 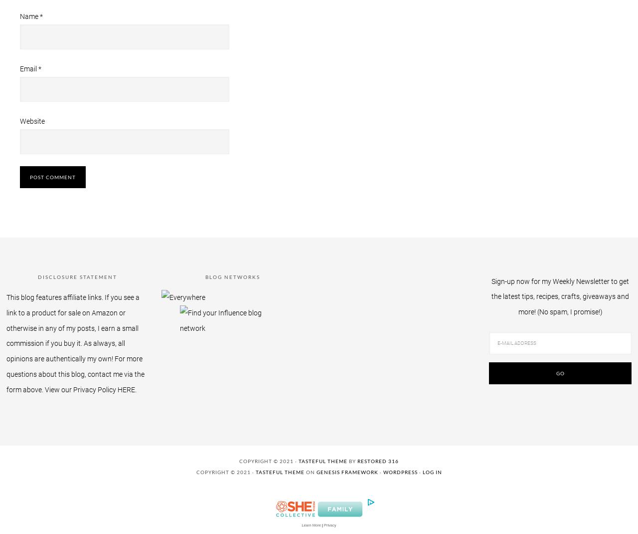 What do you see at coordinates (352, 461) in the screenshot?
I see `'by'` at bounding box center [352, 461].